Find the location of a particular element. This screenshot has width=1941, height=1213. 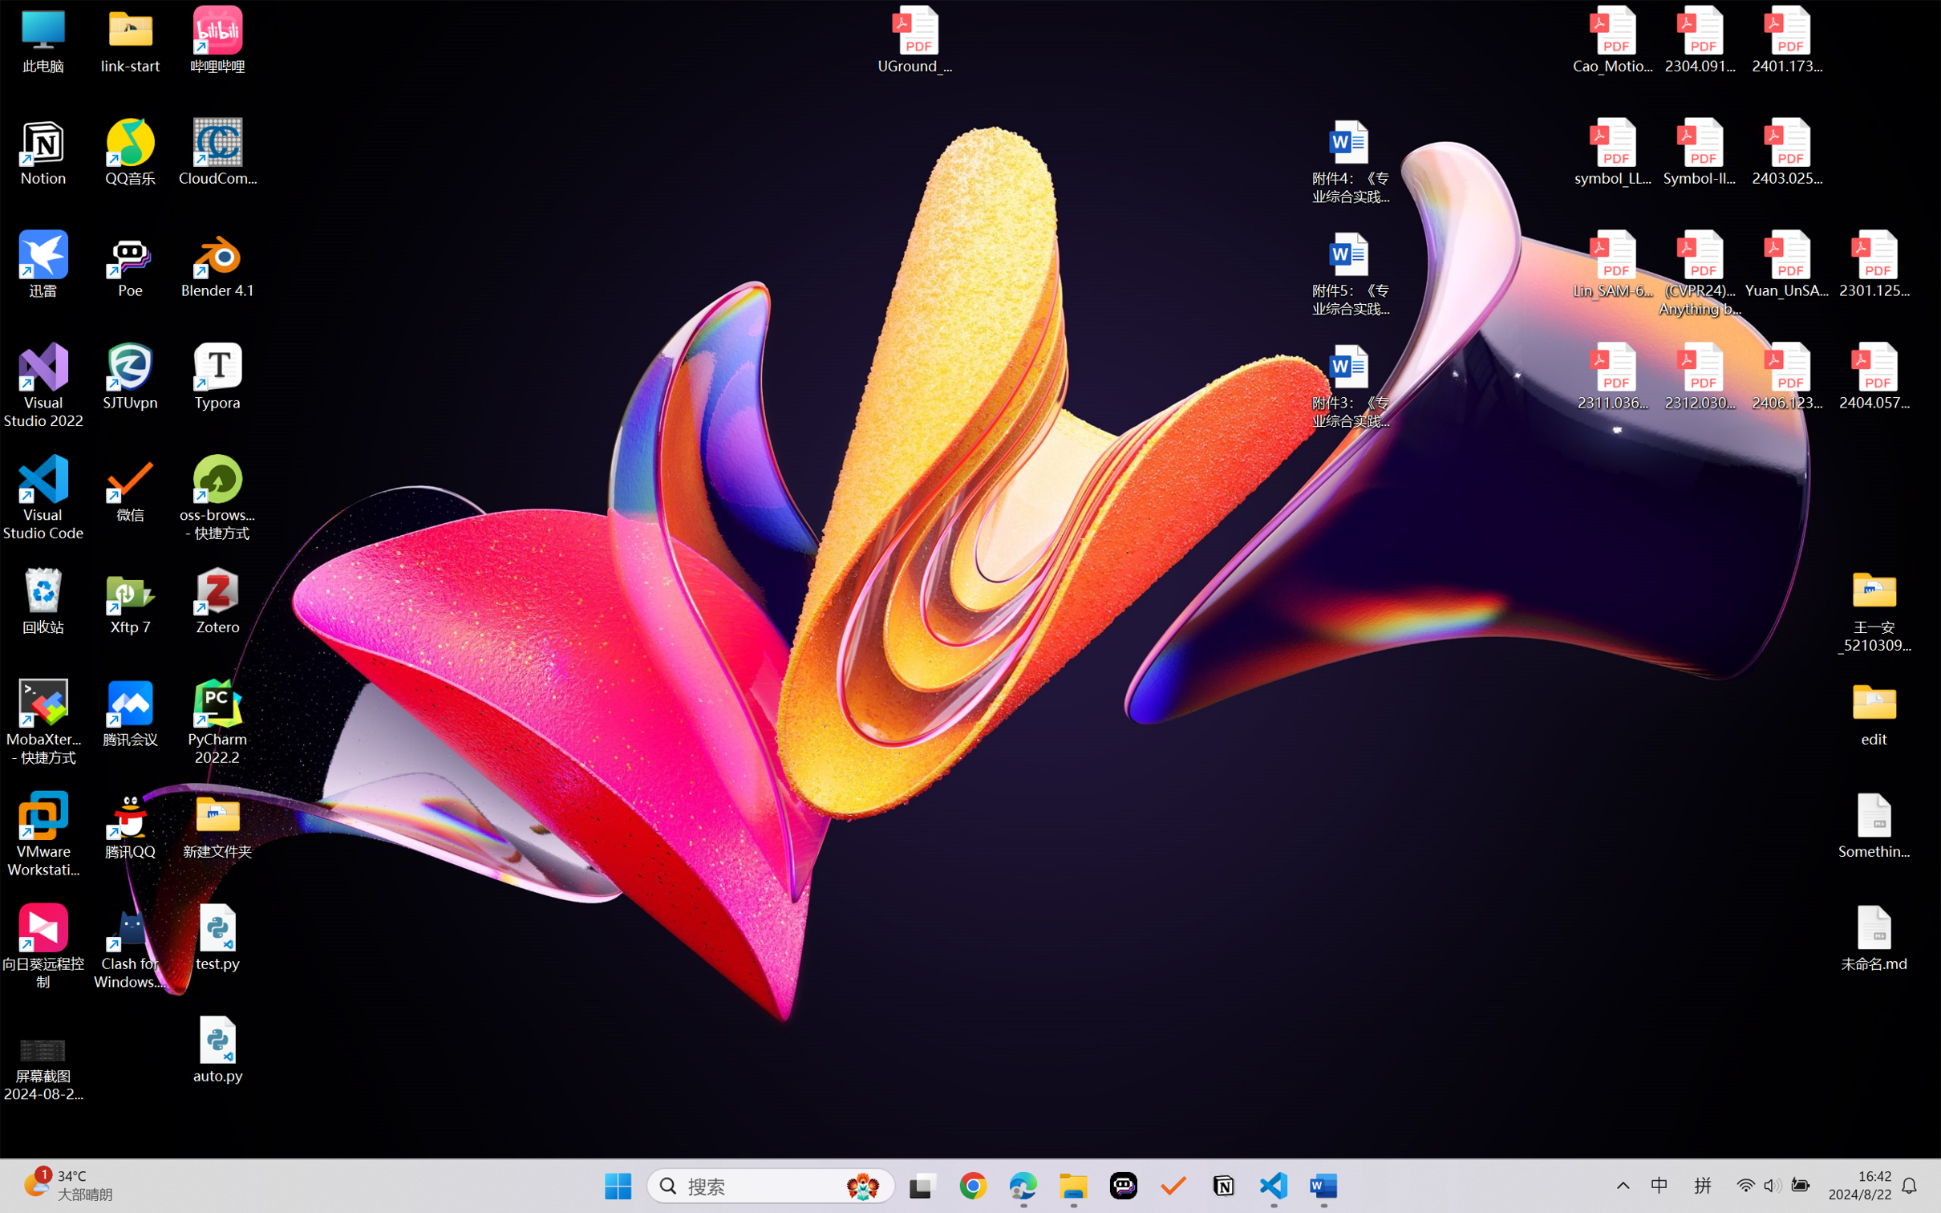

'Visual Studio Code' is located at coordinates (43, 497).